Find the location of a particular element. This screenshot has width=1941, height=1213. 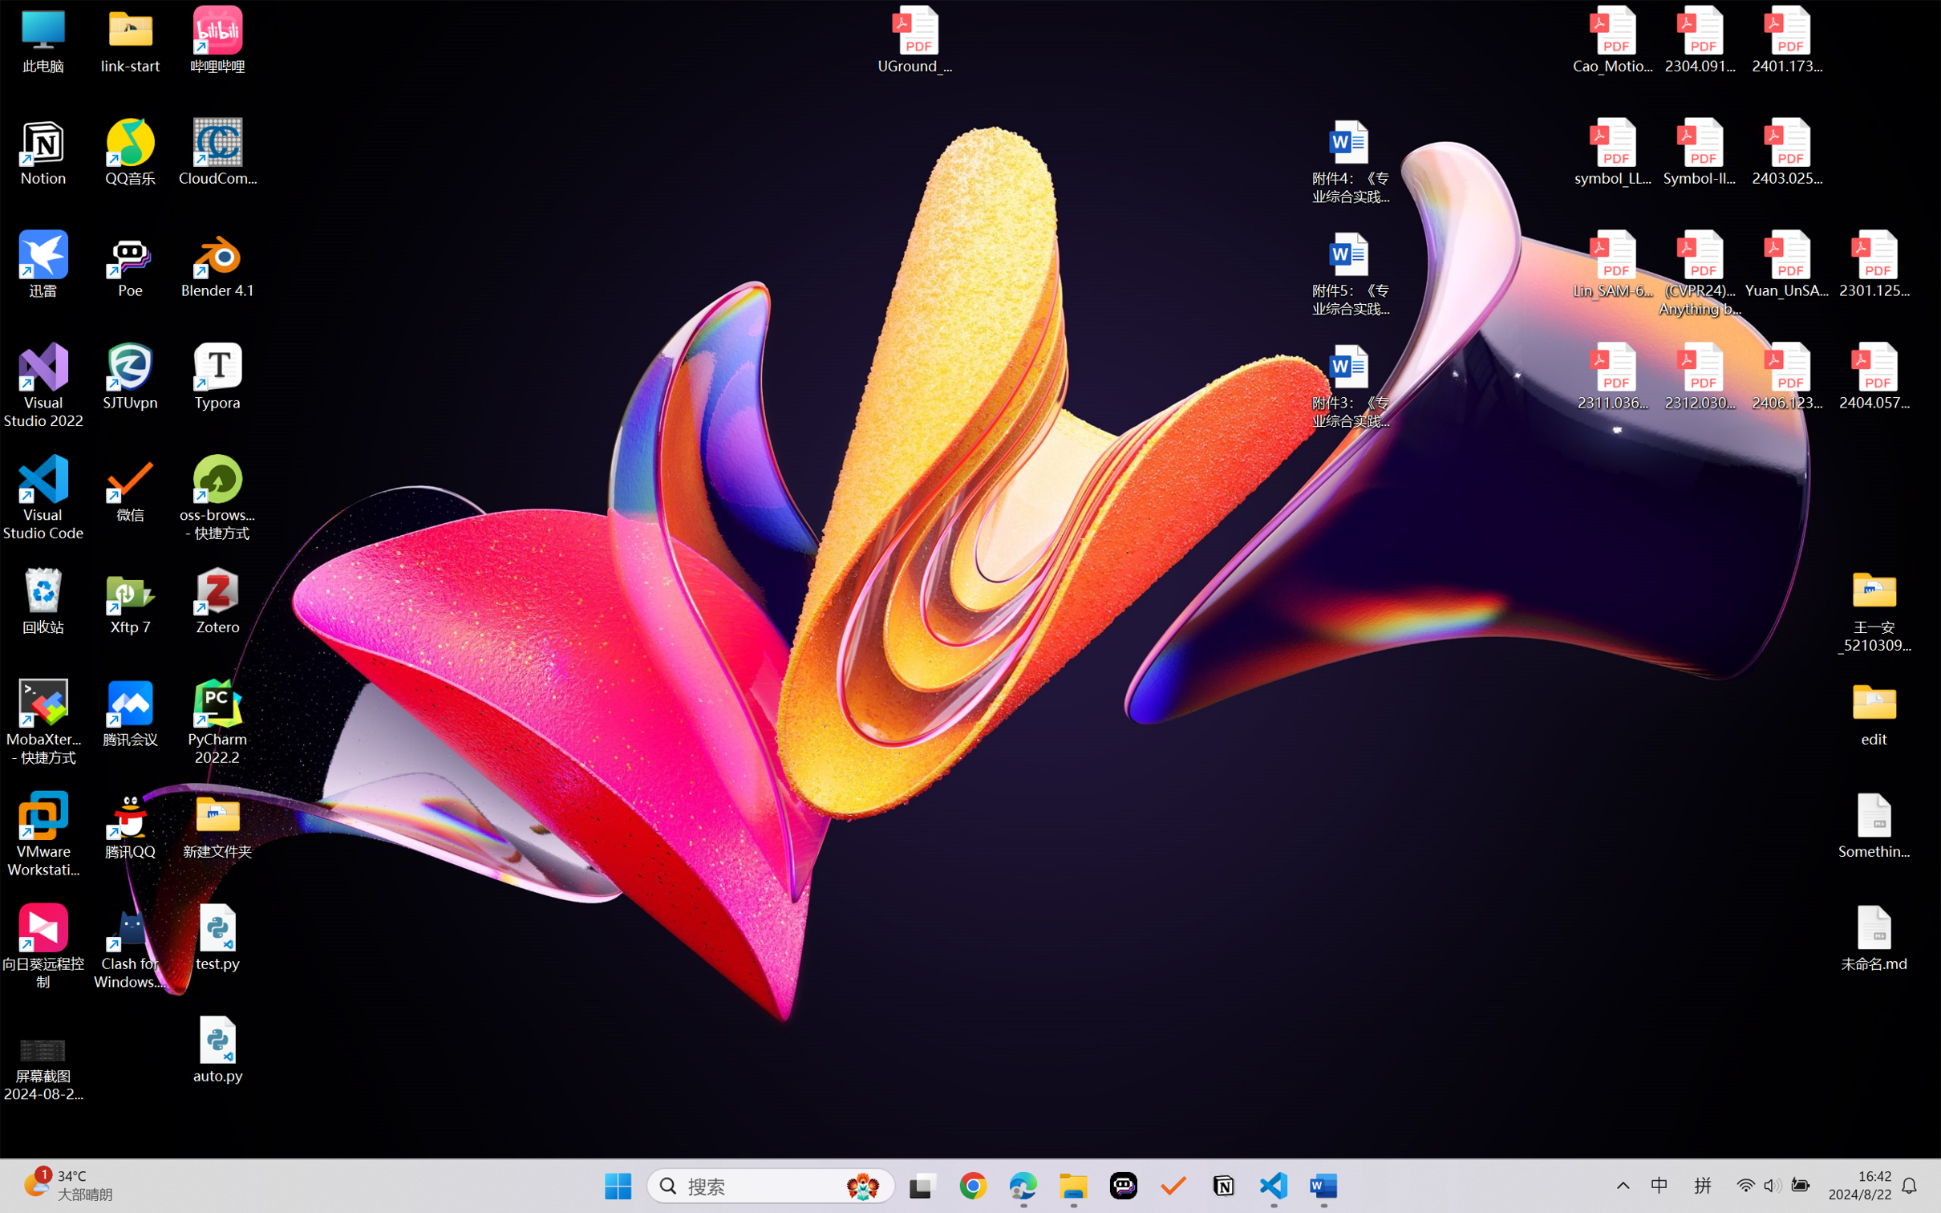

'Visual Studio Code' is located at coordinates (43, 497).